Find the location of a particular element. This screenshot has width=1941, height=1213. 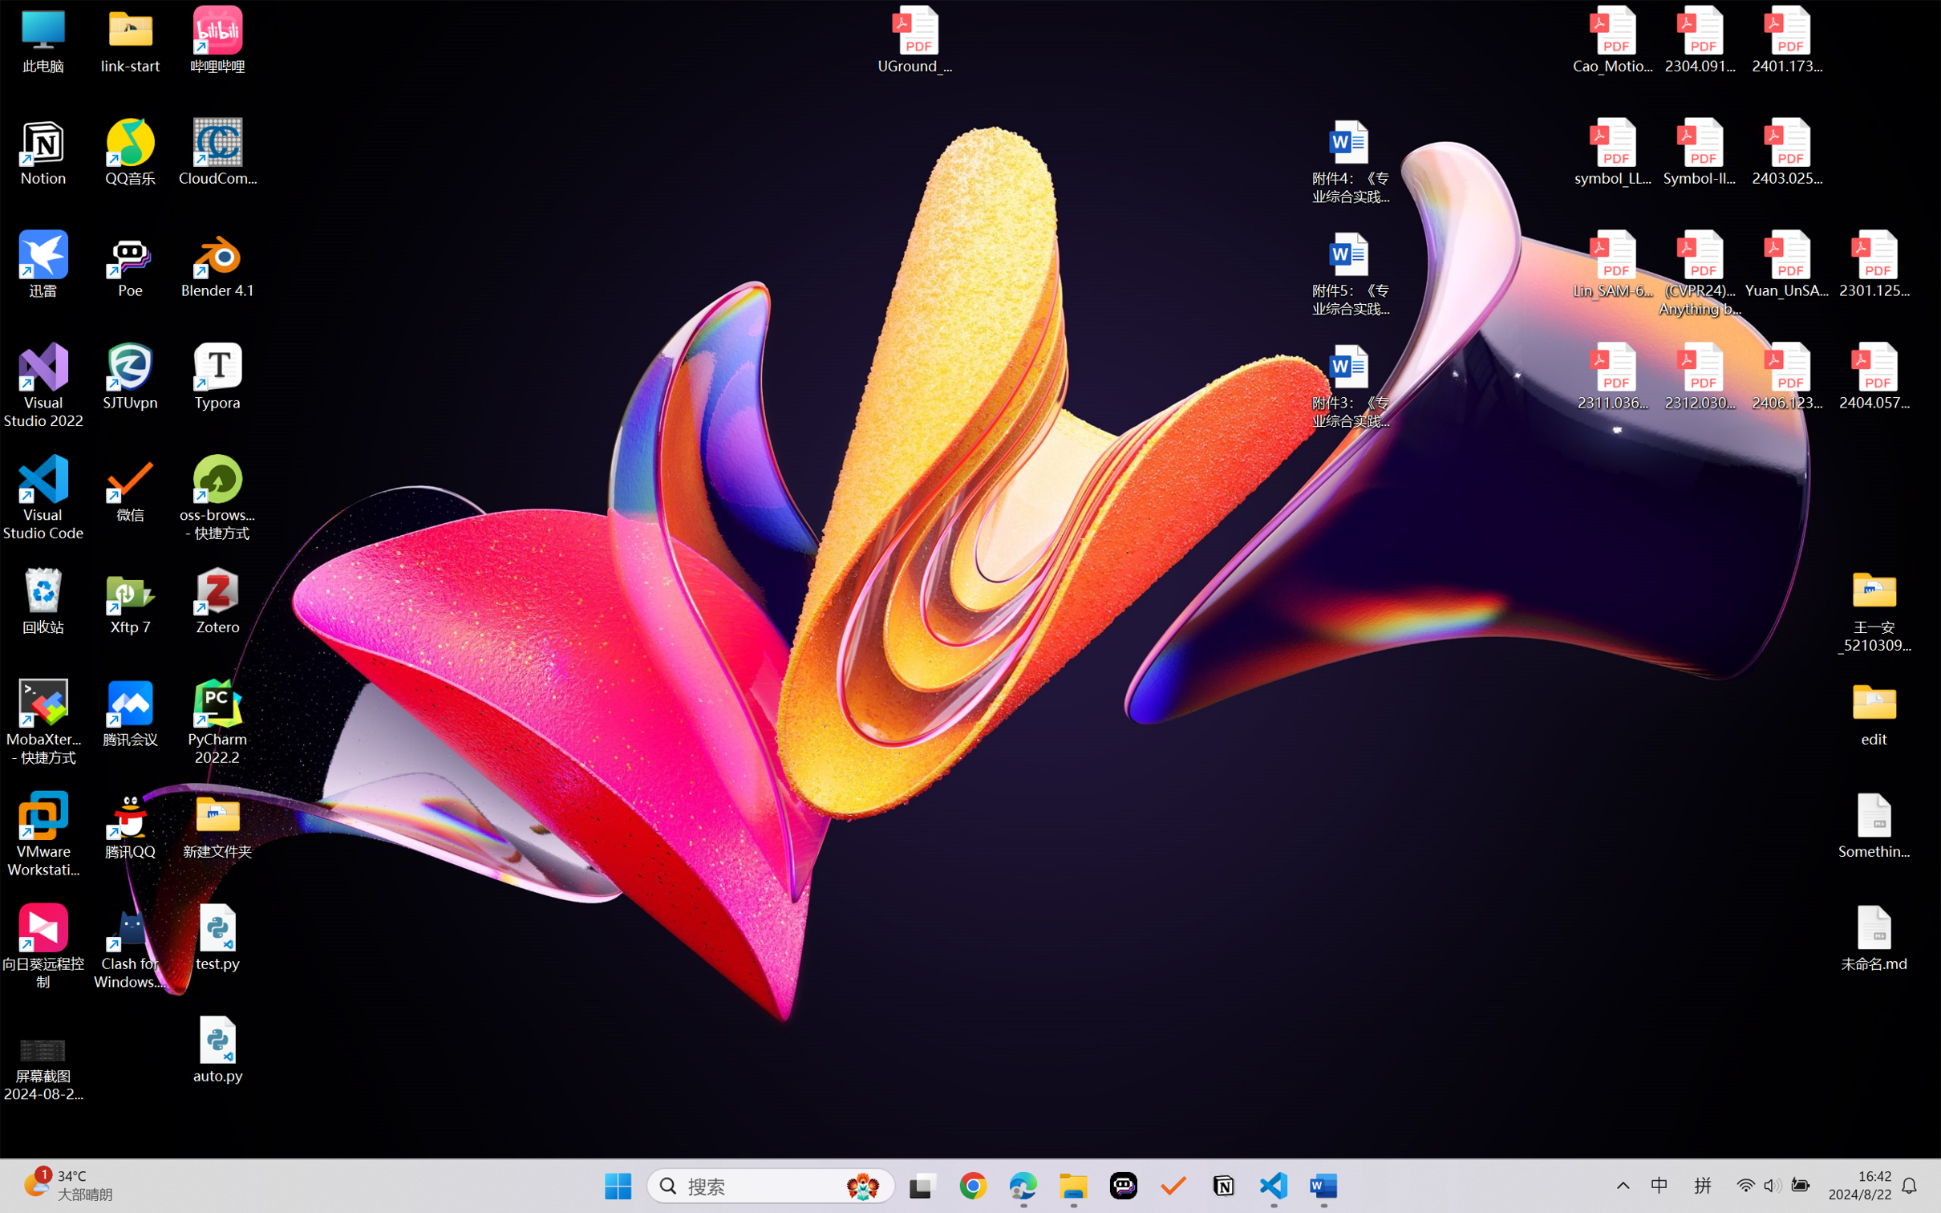

'Visual Studio Code' is located at coordinates (43, 497).